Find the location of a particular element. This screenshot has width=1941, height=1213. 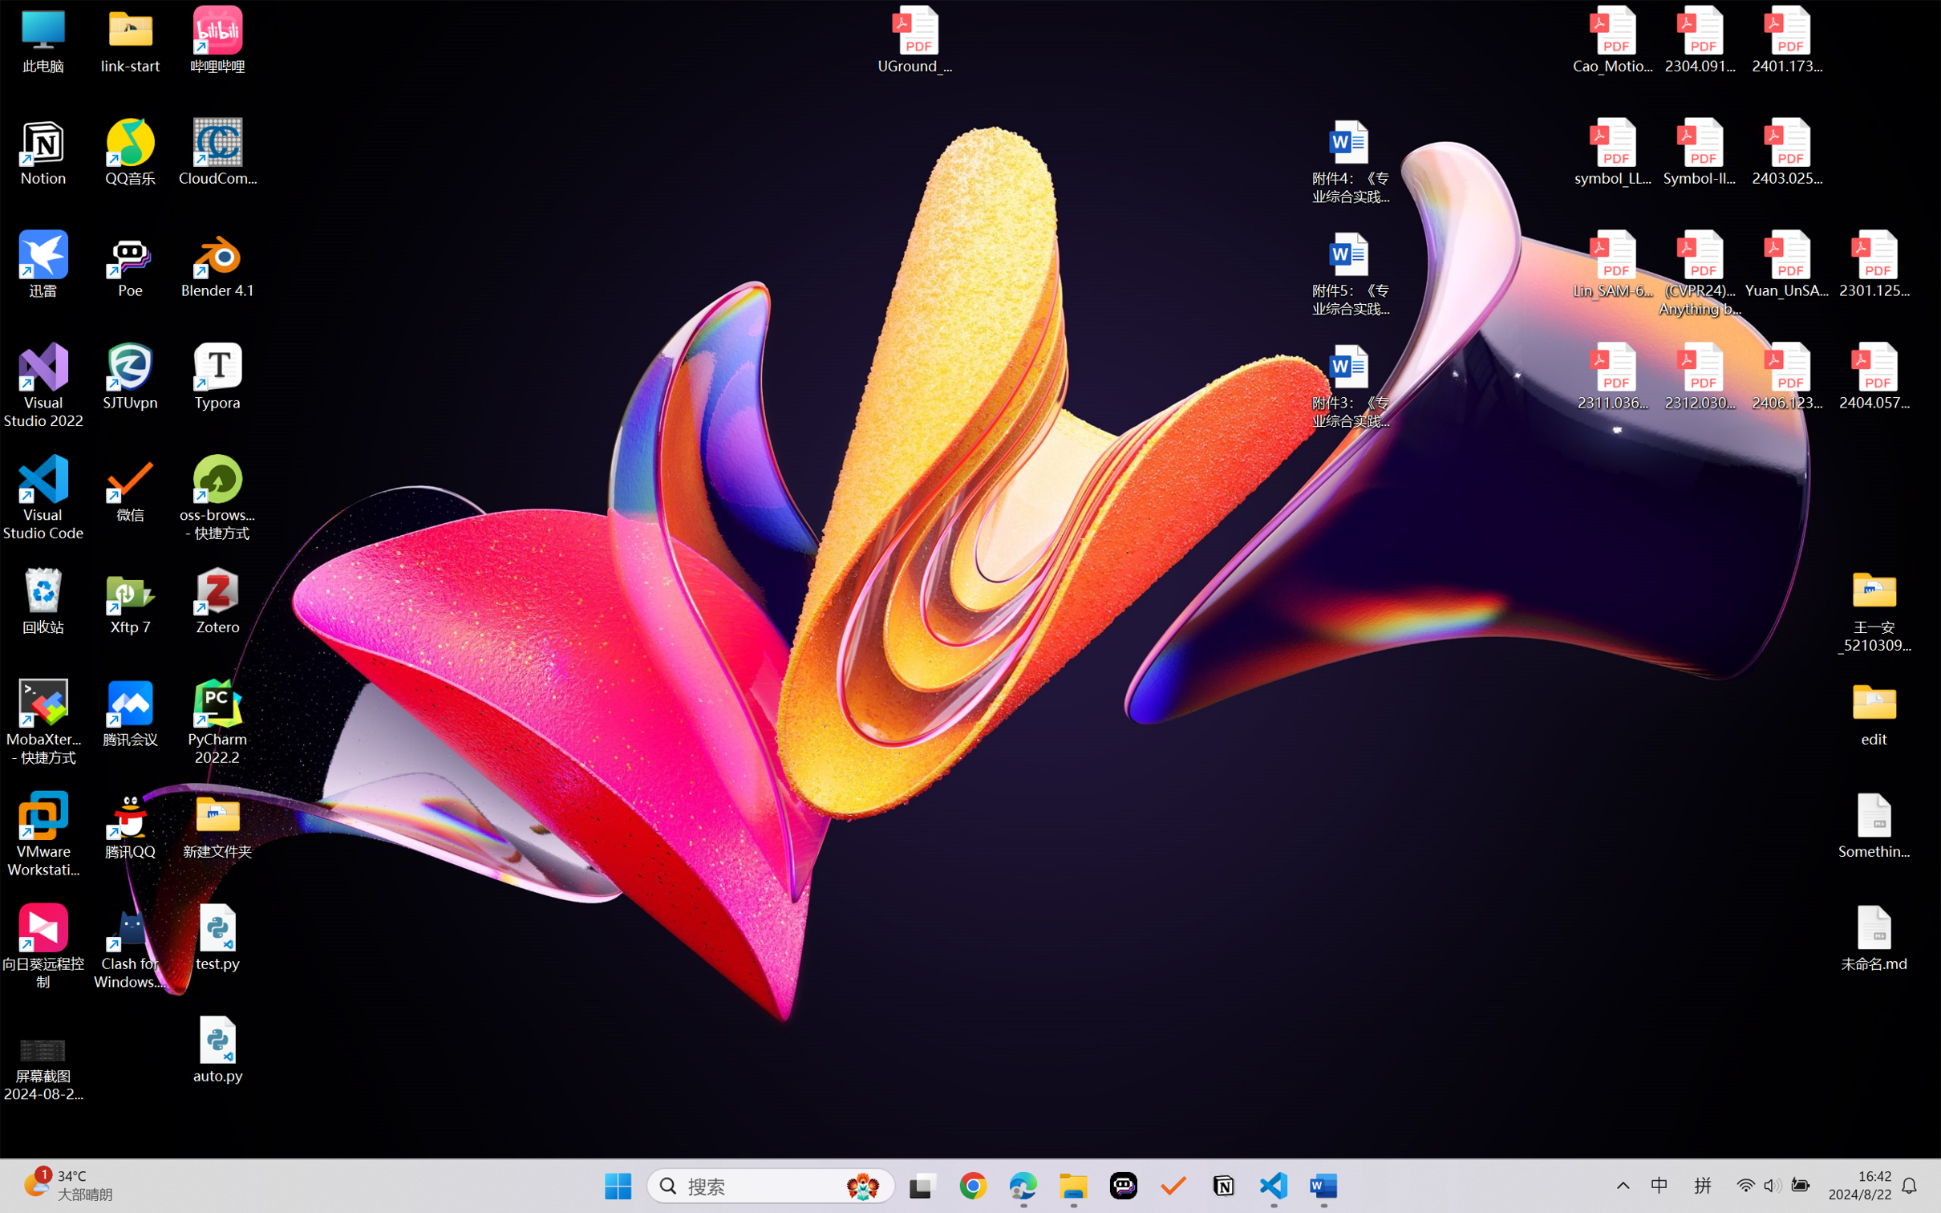

'Visual Studio Code' is located at coordinates (43, 497).